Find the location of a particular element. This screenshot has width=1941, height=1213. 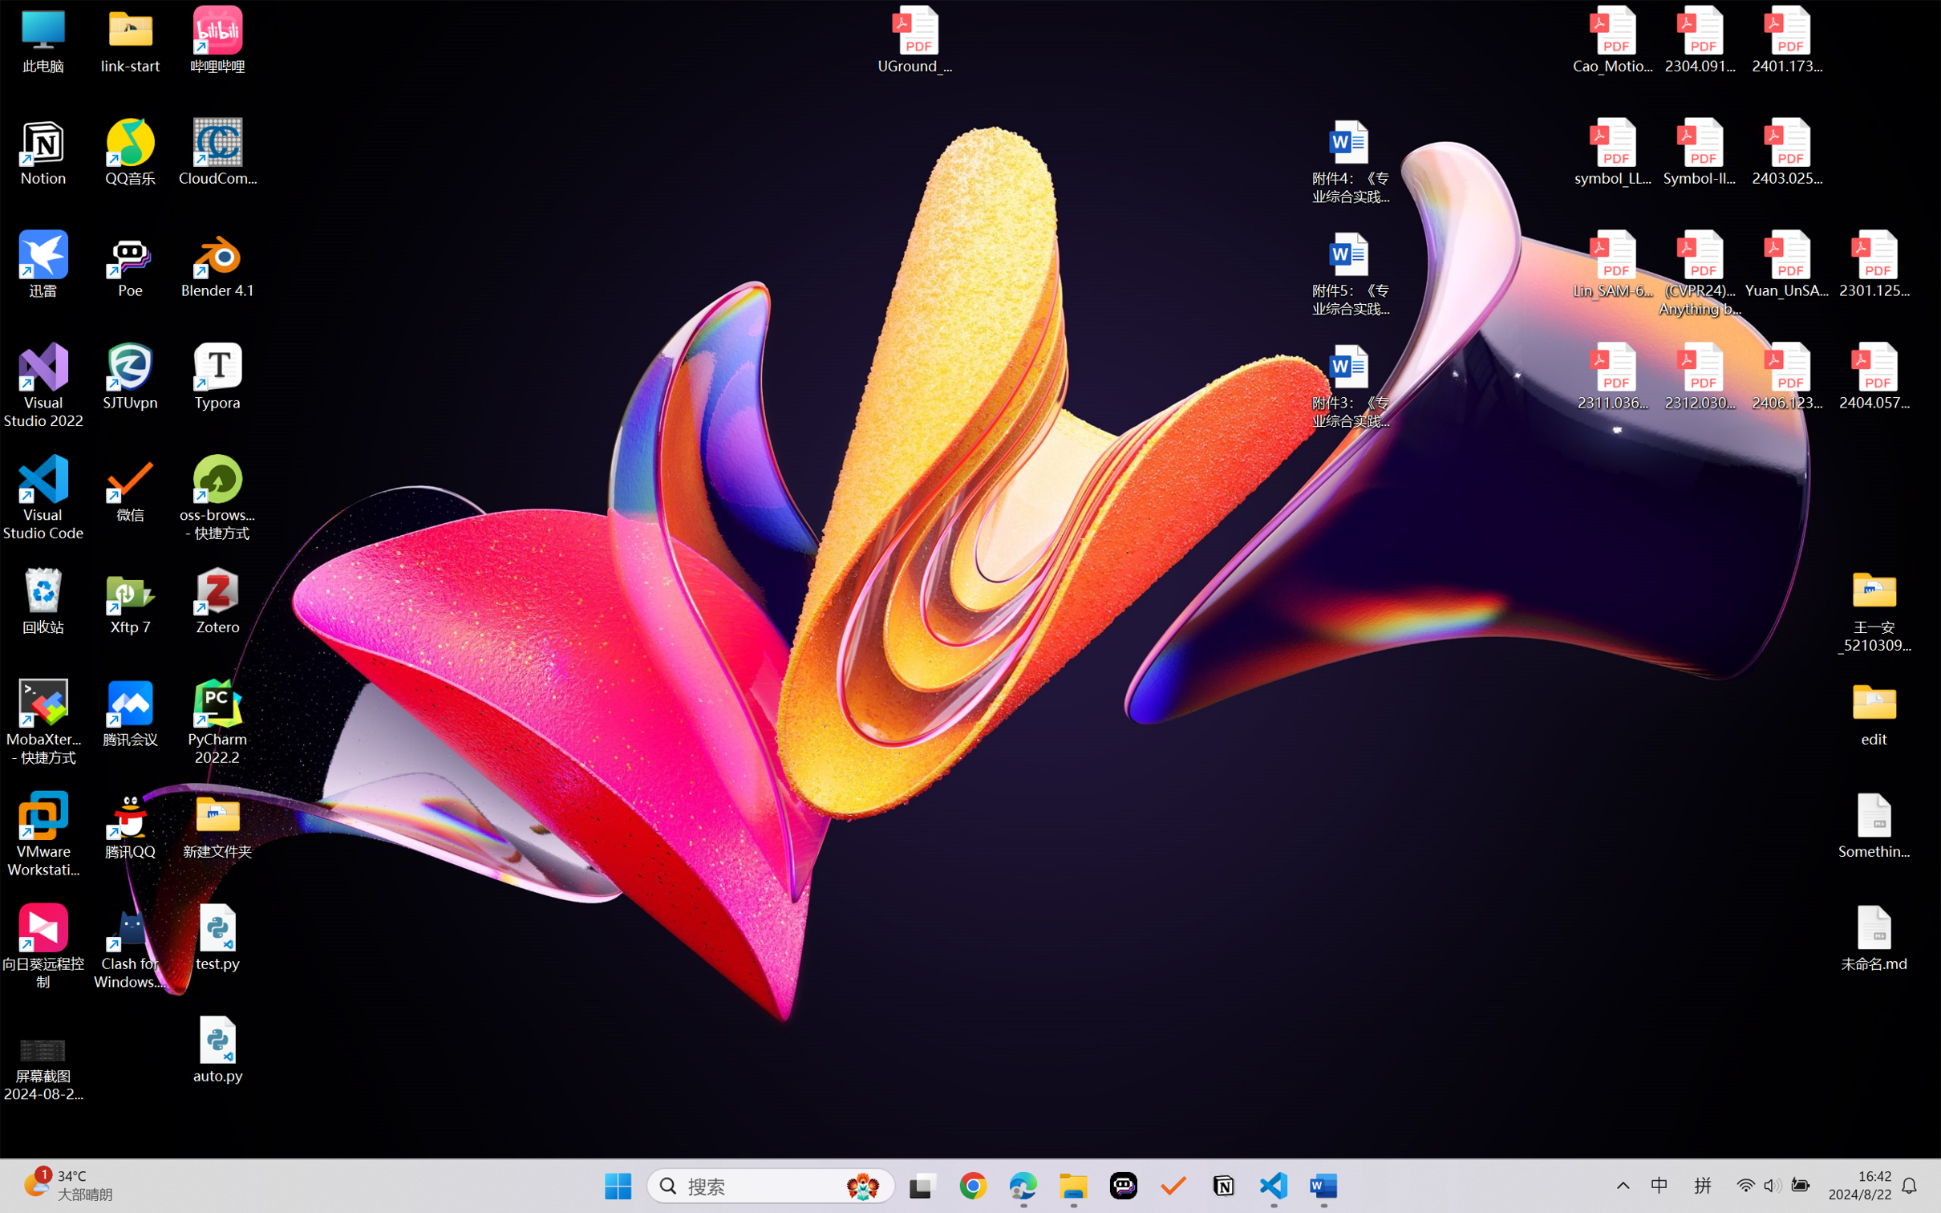

'Visual Studio Code' is located at coordinates (43, 497).